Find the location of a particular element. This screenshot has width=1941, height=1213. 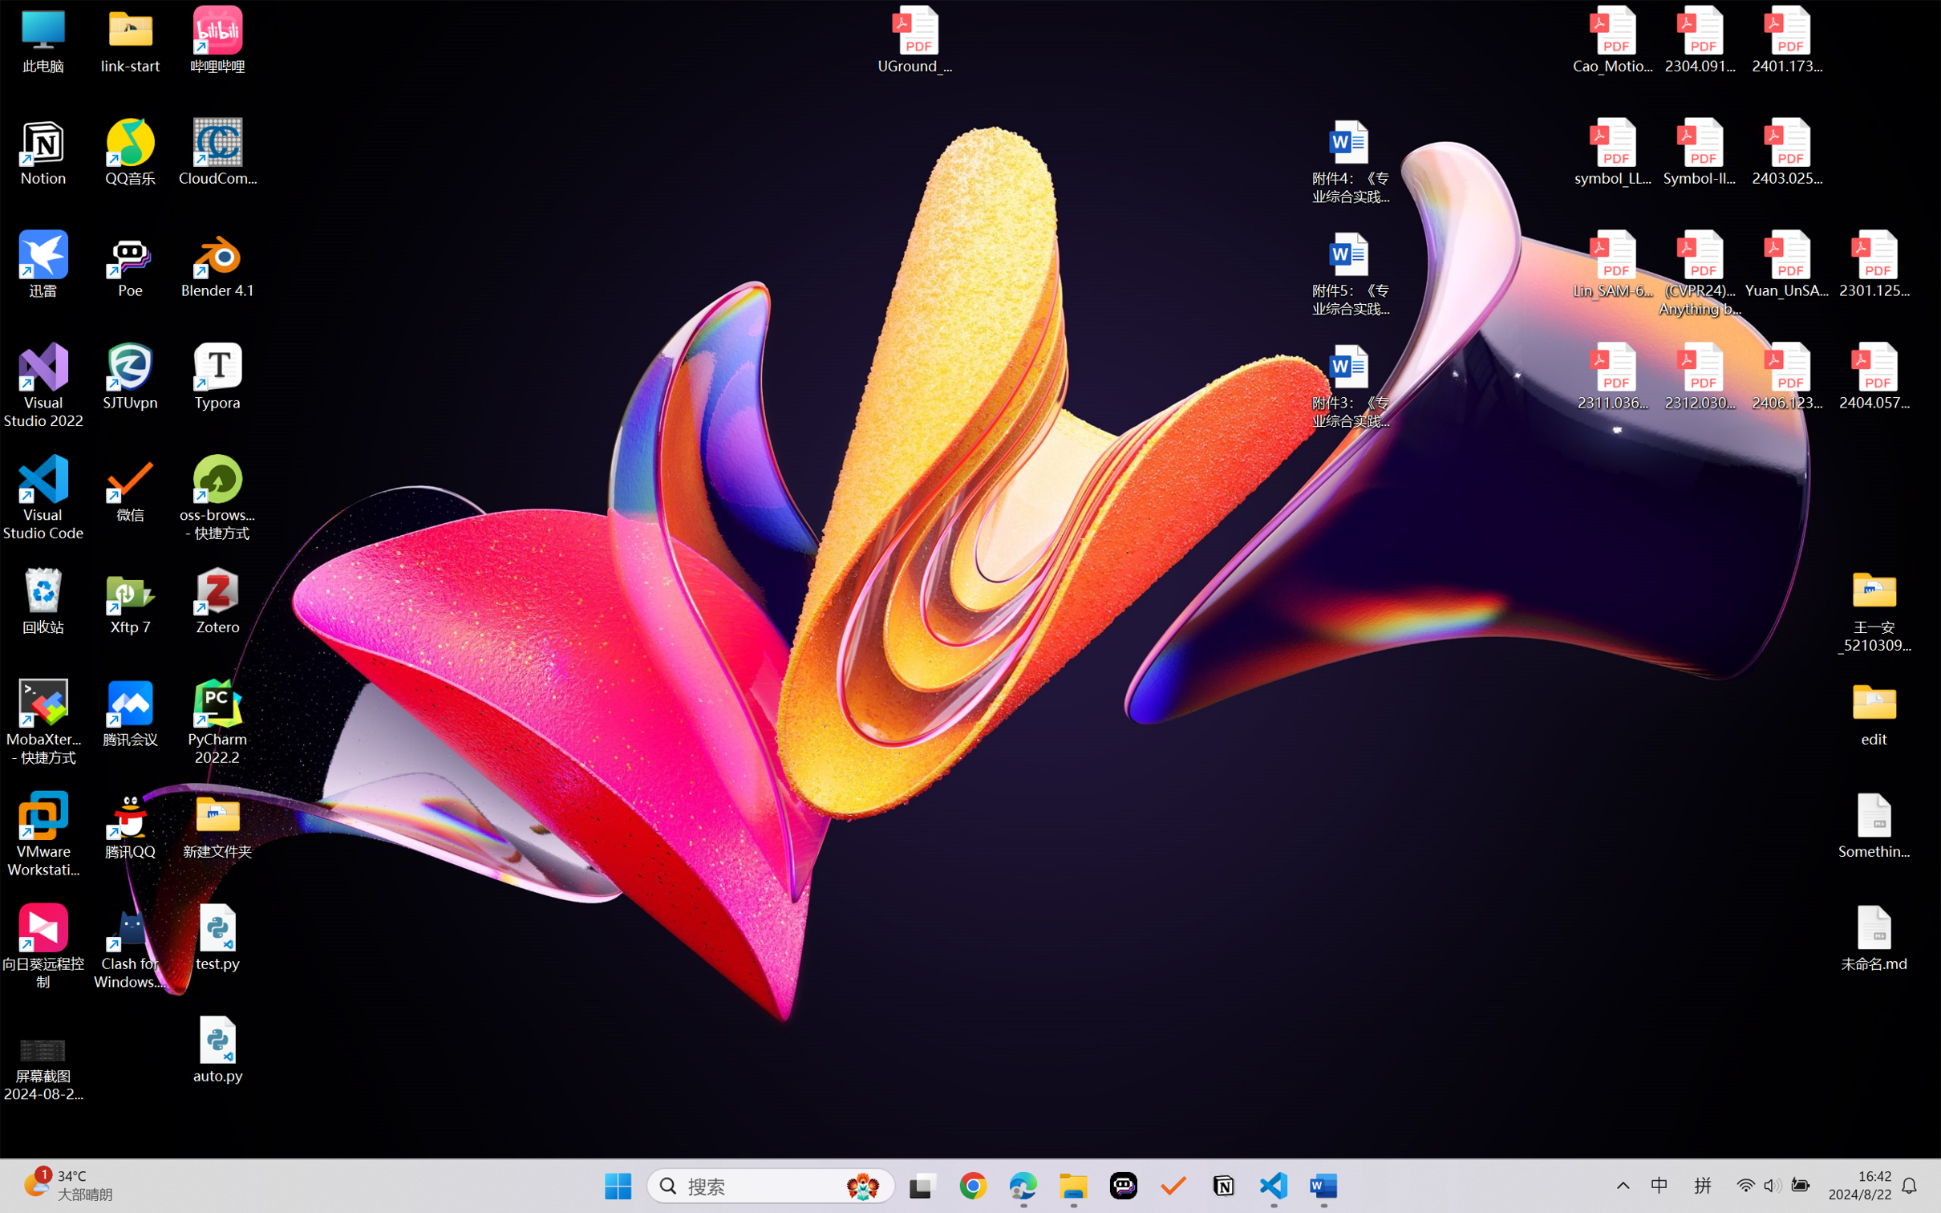

'Visual Studio Code' is located at coordinates (43, 497).